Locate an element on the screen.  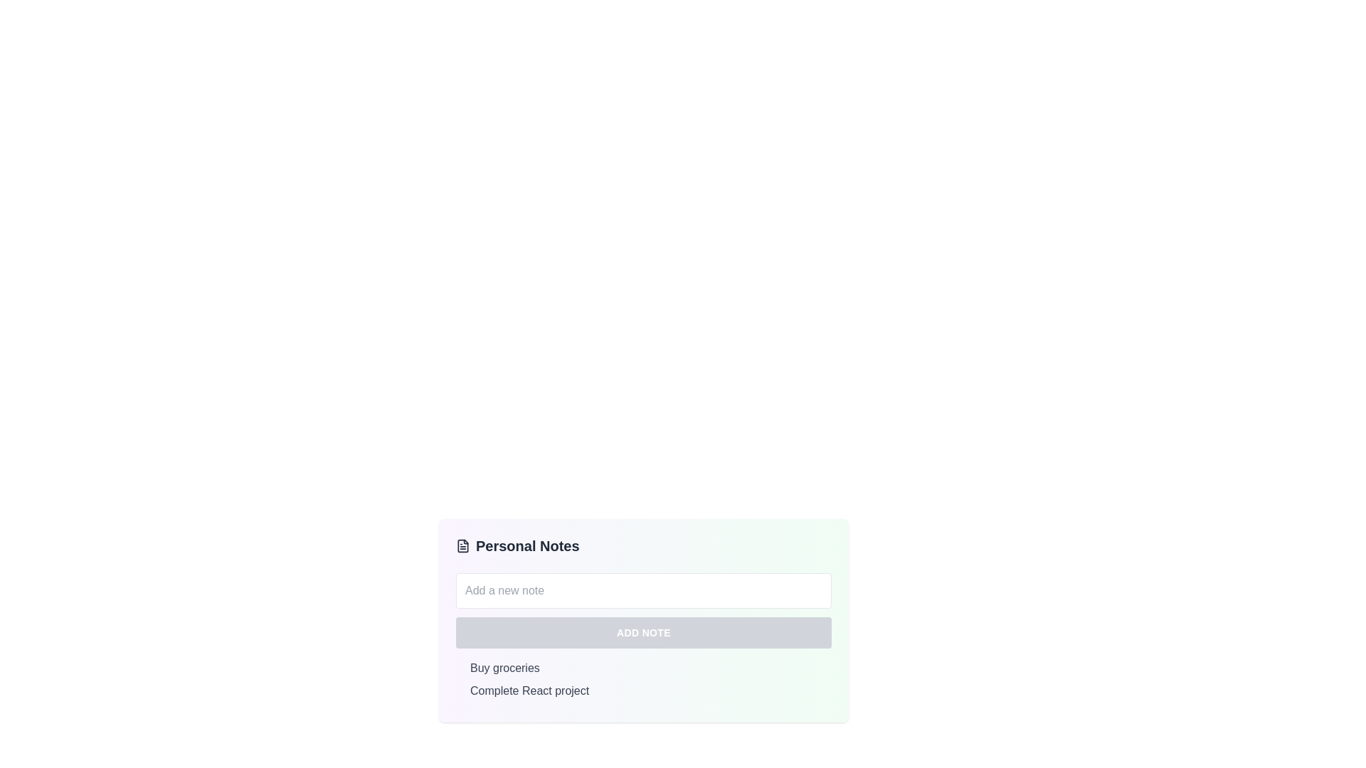
the icon resembling a simplified sheet of paper with a folded corner, located adjacent to the header labeled 'Personal Notes' is located at coordinates (463, 545).